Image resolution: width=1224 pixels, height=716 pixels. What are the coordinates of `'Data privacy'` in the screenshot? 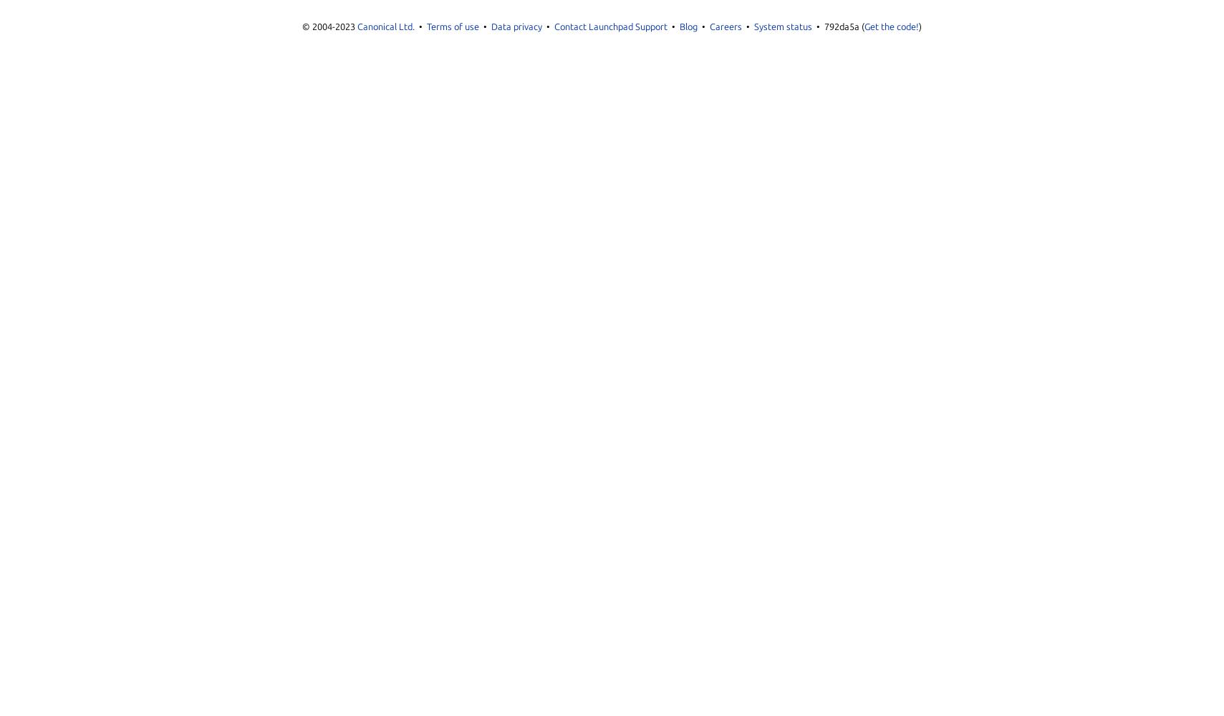 It's located at (516, 26).